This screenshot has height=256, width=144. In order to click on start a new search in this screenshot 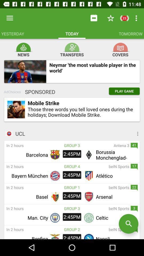, I will do `click(128, 224)`.